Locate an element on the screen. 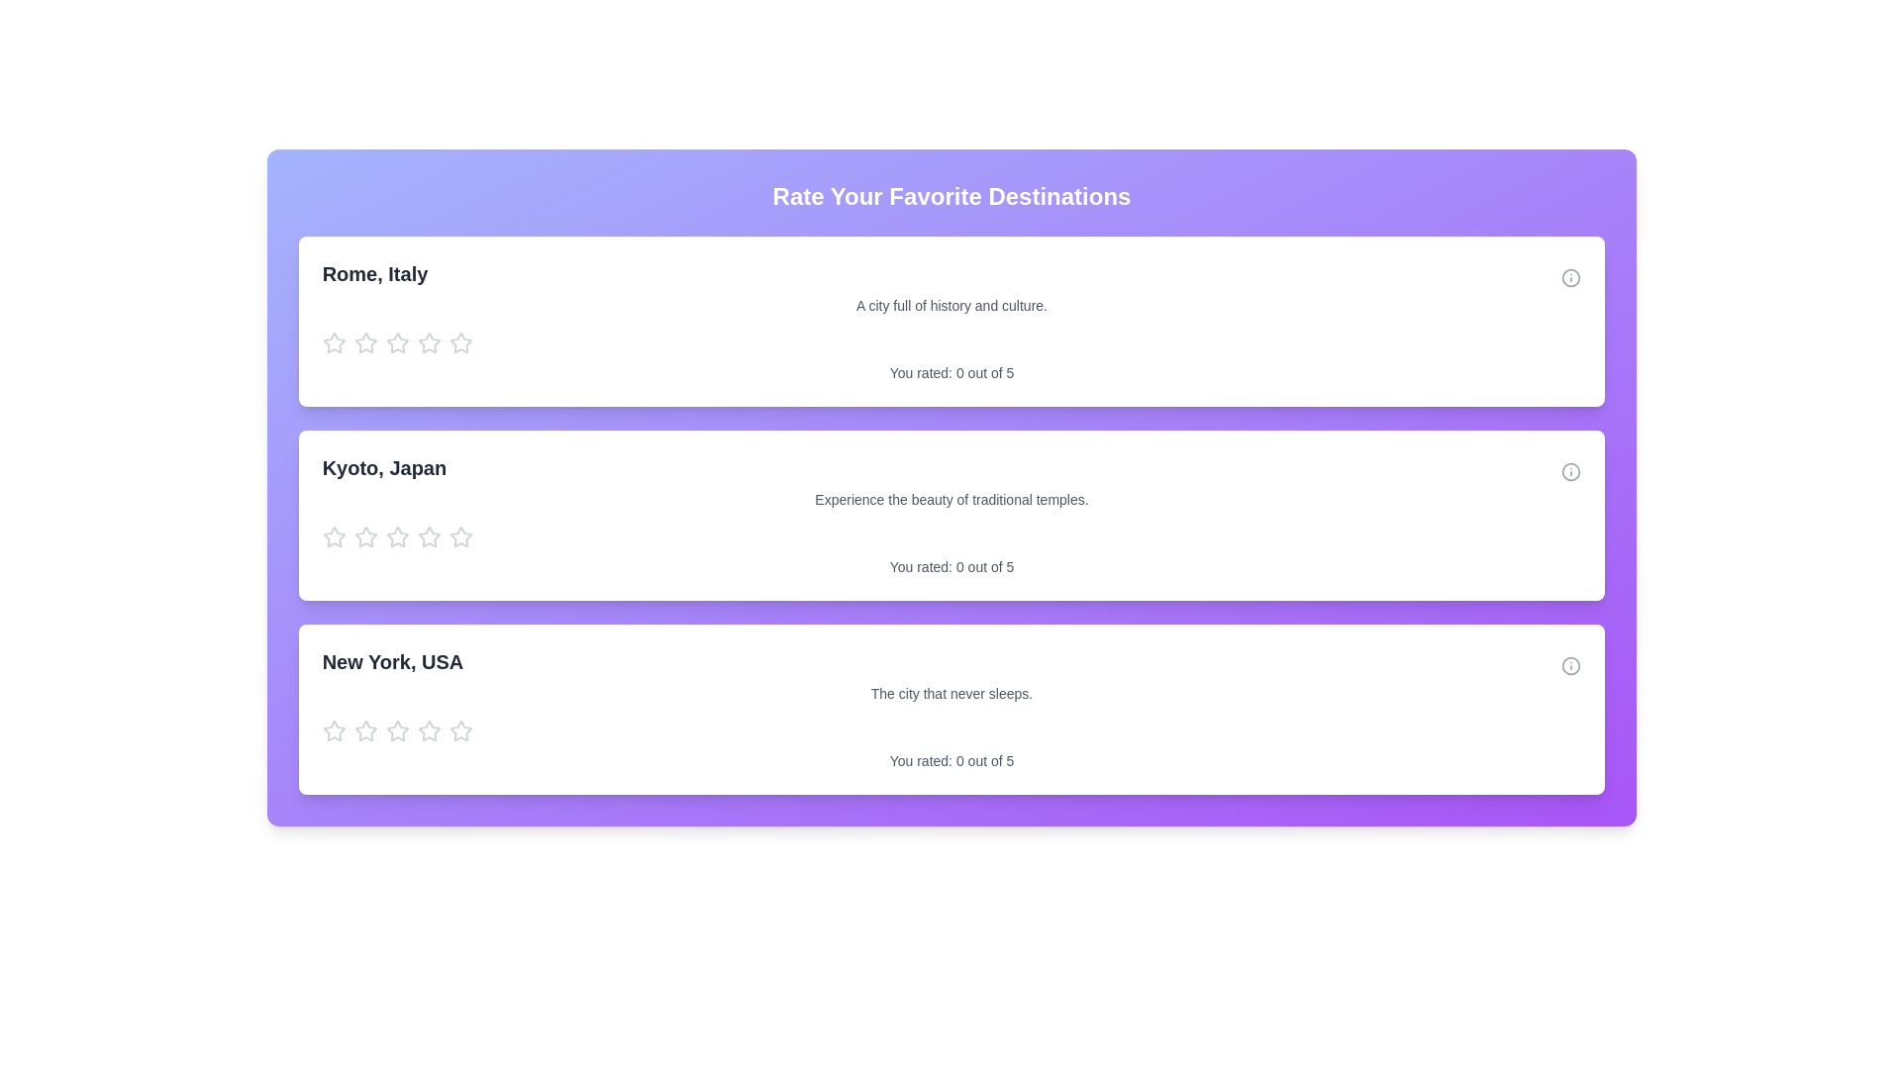  the information icon located on the right side of the second row, which corresponds to the 'Kyoto, Japan' entry is located at coordinates (1570, 472).